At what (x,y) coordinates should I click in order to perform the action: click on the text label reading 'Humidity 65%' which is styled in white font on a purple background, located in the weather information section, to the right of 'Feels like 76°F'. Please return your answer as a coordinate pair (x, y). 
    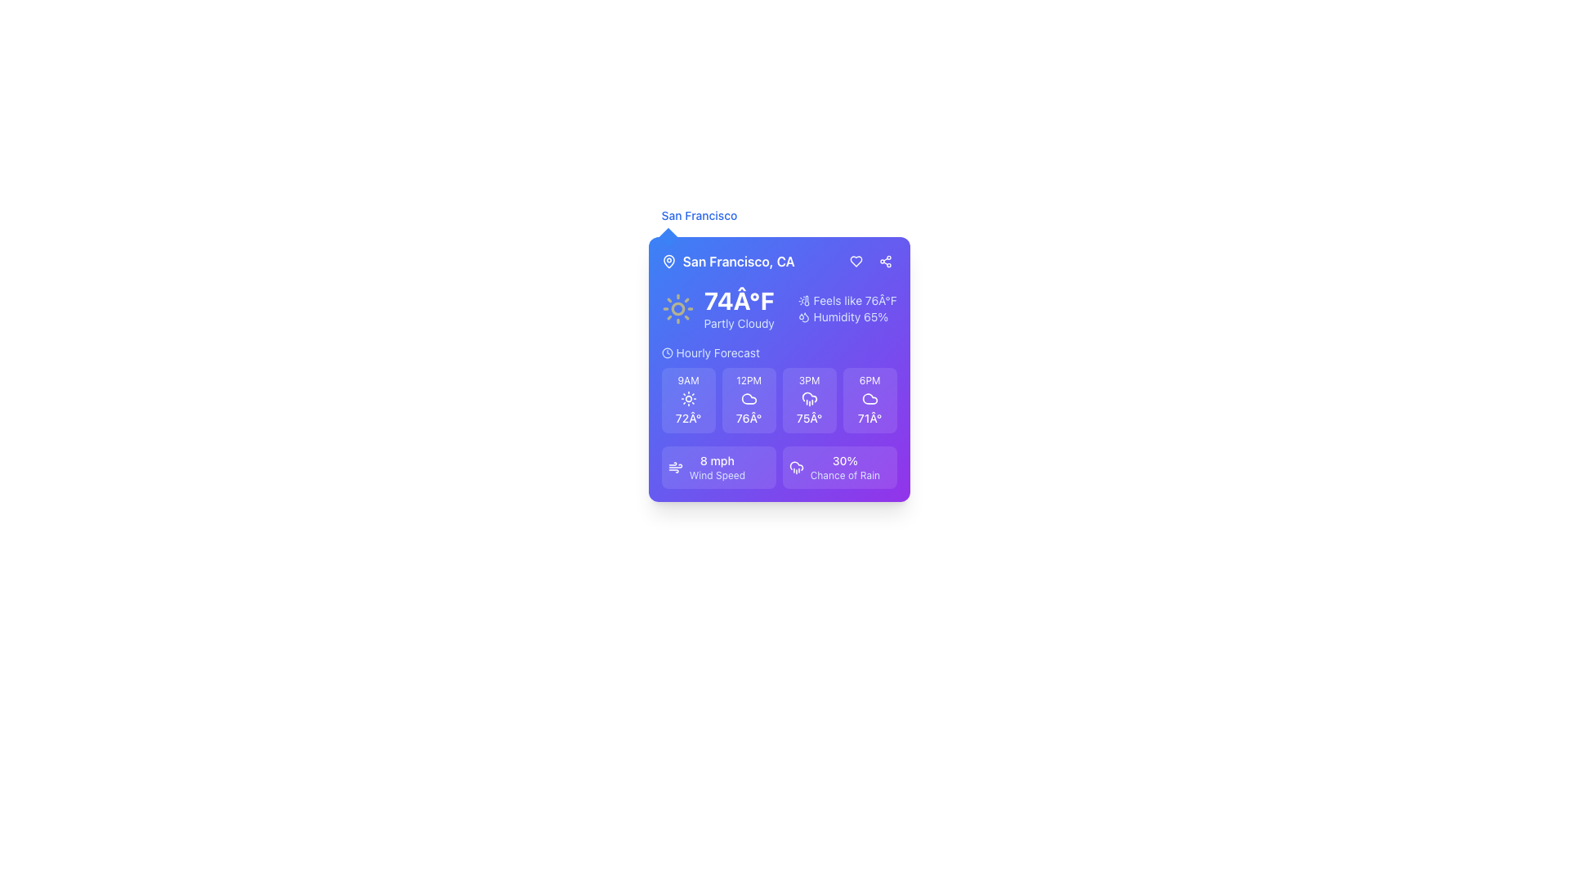
    Looking at the image, I should click on (850, 317).